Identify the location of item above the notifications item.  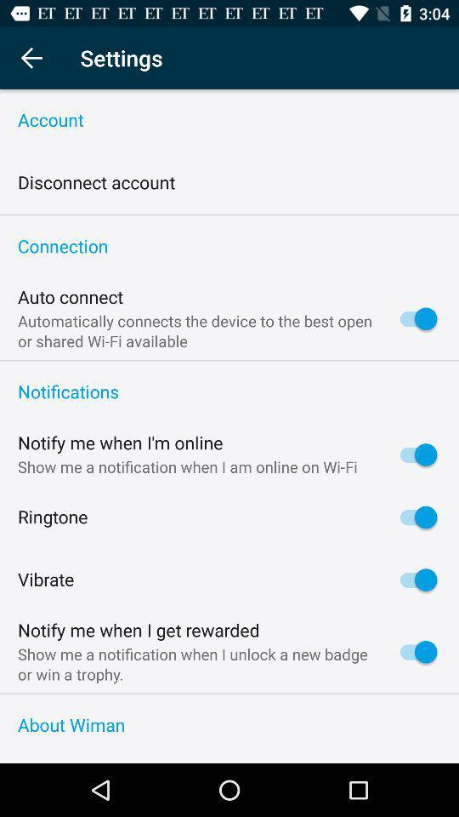
(229, 360).